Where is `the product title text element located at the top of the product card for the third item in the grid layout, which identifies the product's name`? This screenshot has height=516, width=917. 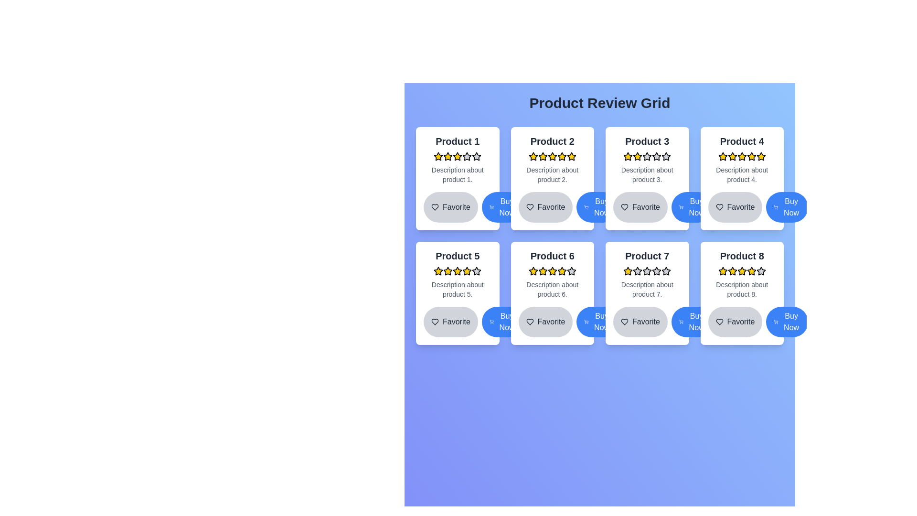
the product title text element located at the top of the product card for the third item in the grid layout, which identifies the product's name is located at coordinates (647, 141).